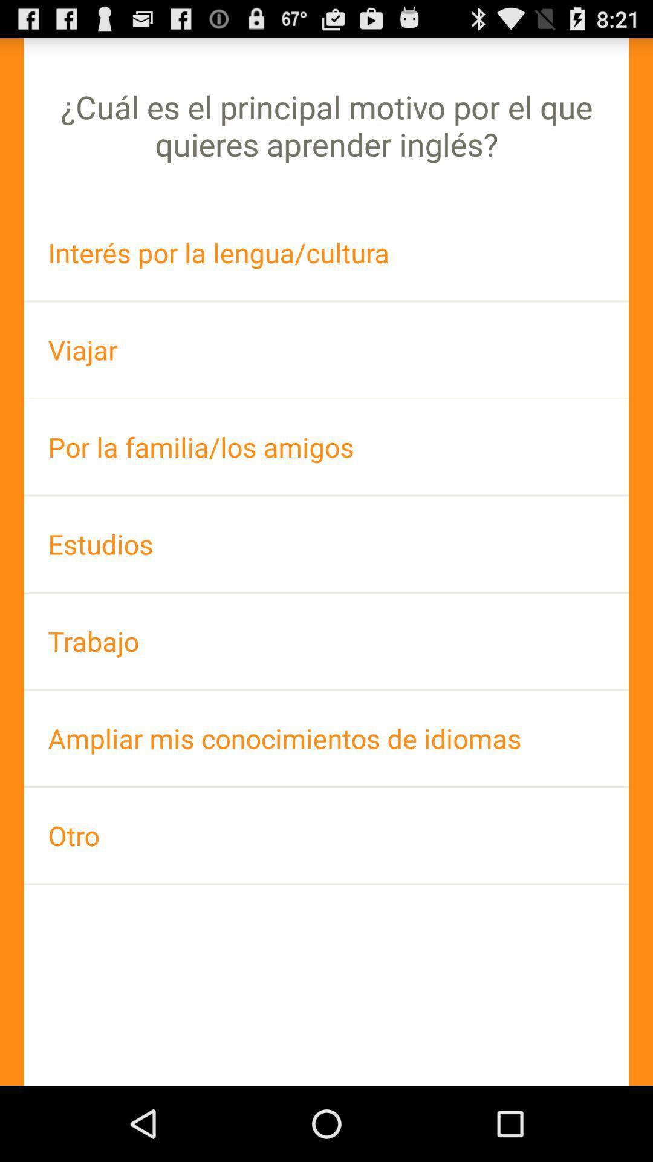  Describe the element at coordinates (326, 640) in the screenshot. I see `trabajo` at that location.